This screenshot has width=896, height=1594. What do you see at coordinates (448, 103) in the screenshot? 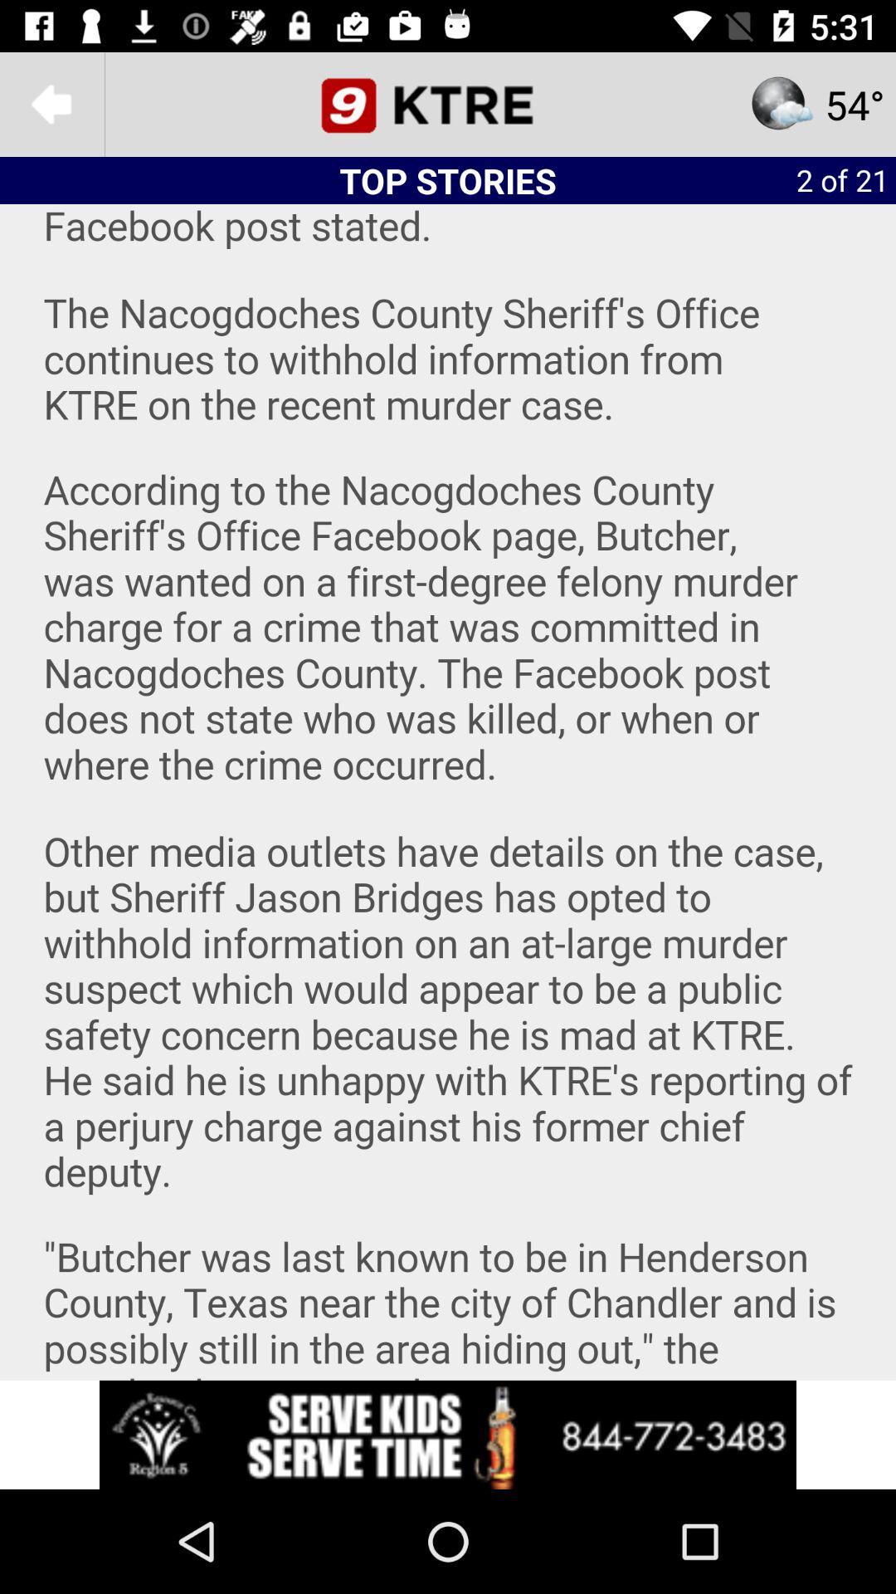
I see `site logo` at bounding box center [448, 103].